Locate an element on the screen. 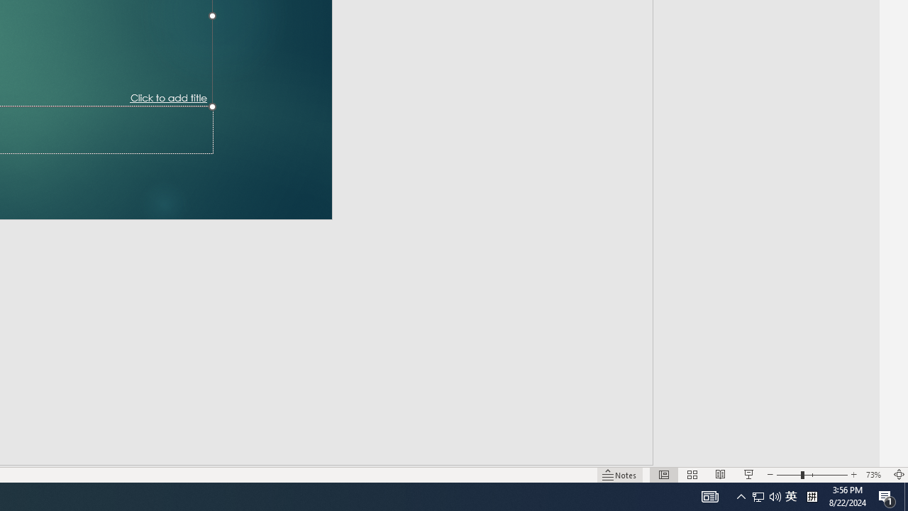 This screenshot has width=908, height=511. 'Print Layout' is located at coordinates (655, 454).